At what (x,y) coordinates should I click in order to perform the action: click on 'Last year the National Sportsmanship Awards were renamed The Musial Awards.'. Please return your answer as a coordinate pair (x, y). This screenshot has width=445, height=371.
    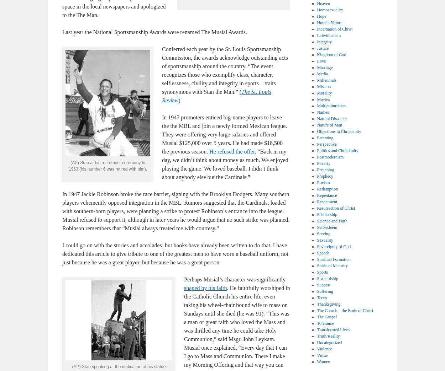
    Looking at the image, I should click on (155, 32).